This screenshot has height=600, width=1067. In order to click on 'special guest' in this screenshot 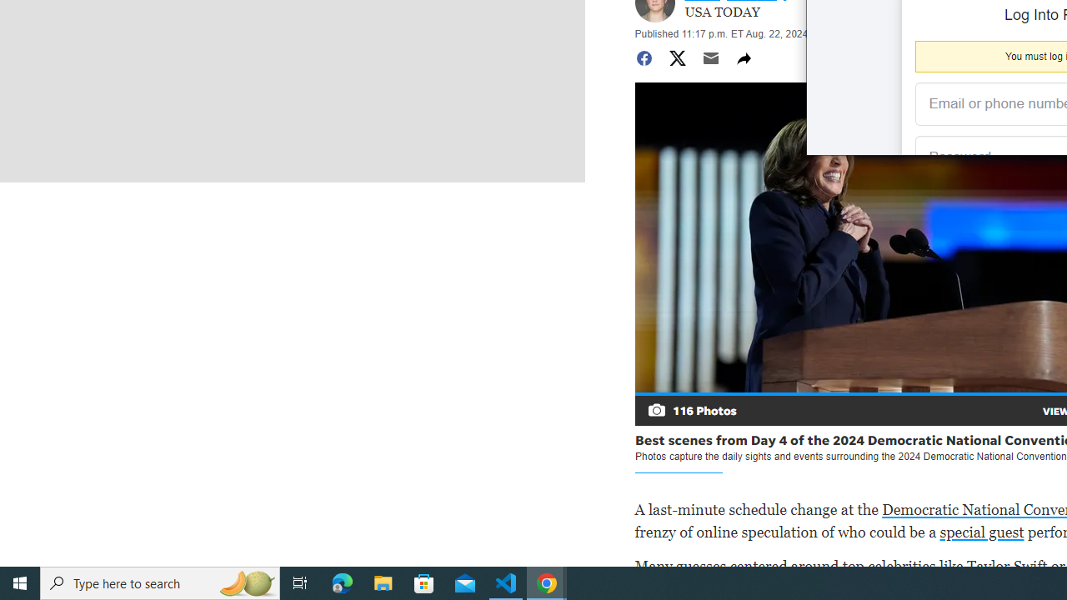, I will do `click(981, 532)`.